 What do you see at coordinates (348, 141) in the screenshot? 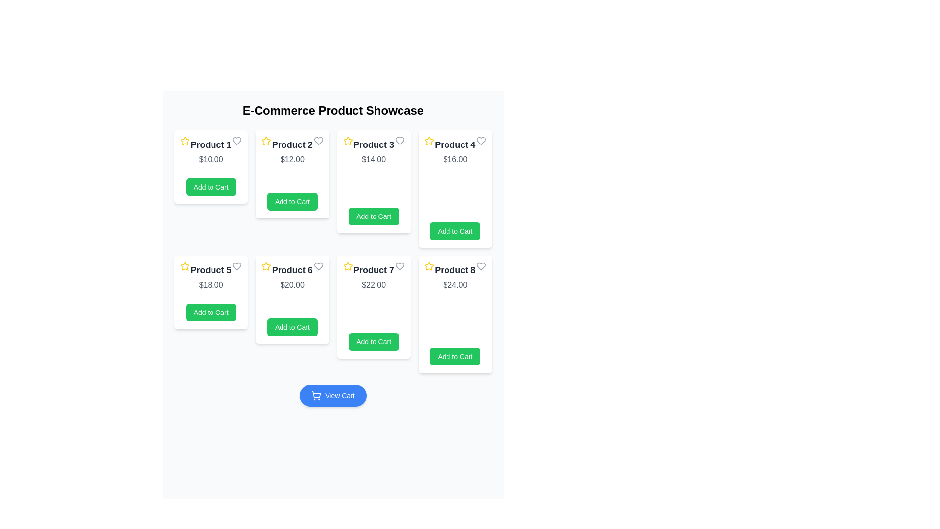
I see `the favorite icon located at the top-left corner of the 'Product 3' card, next to the product title` at bounding box center [348, 141].